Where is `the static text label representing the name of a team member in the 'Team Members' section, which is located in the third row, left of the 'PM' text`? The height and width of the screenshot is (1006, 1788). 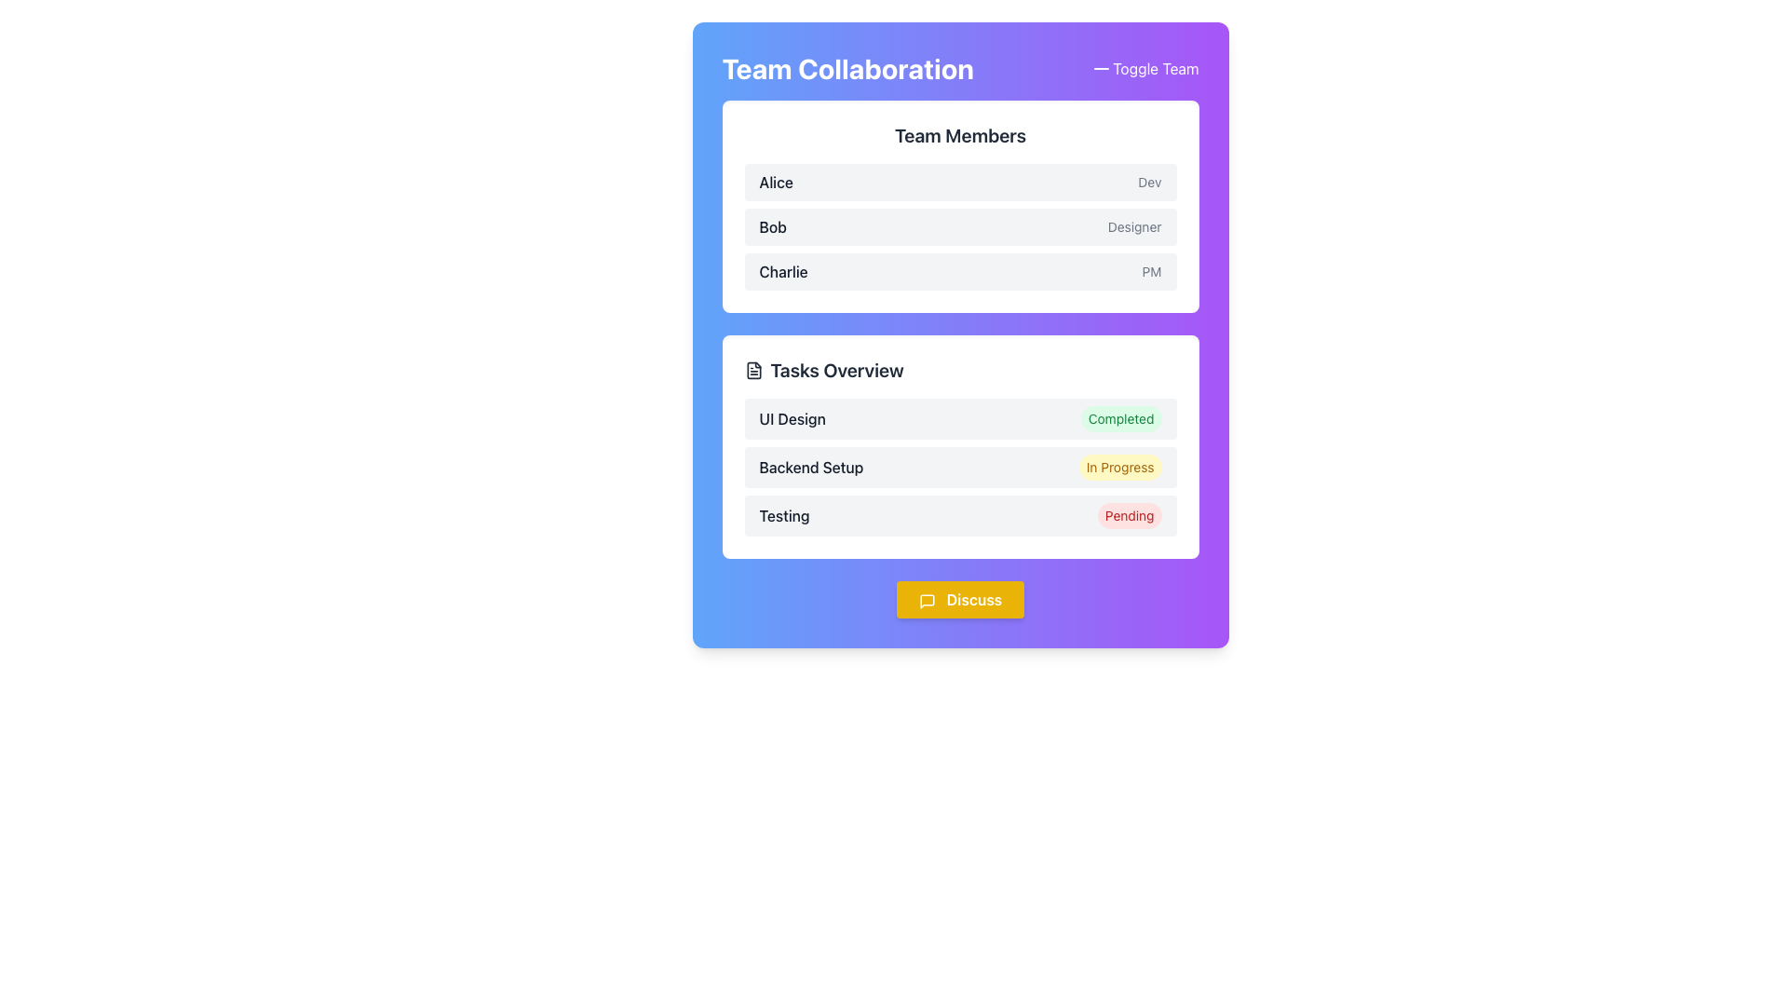 the static text label representing the name of a team member in the 'Team Members' section, which is located in the third row, left of the 'PM' text is located at coordinates (783, 272).